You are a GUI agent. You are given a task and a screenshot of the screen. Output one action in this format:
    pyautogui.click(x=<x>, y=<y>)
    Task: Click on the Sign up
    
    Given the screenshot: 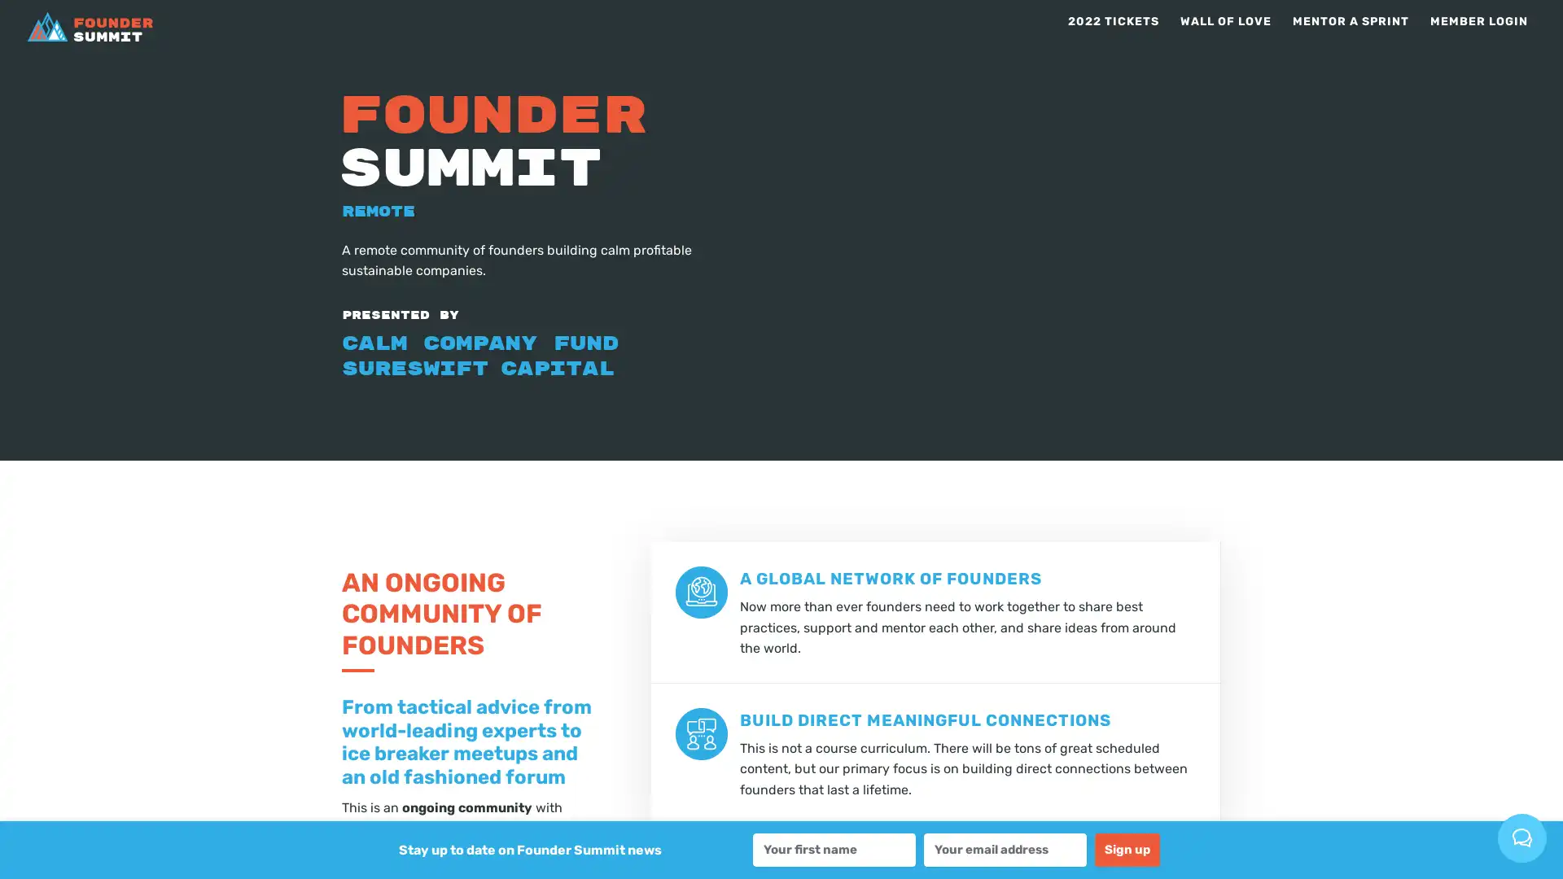 What is the action you would take?
    pyautogui.click(x=1127, y=849)
    